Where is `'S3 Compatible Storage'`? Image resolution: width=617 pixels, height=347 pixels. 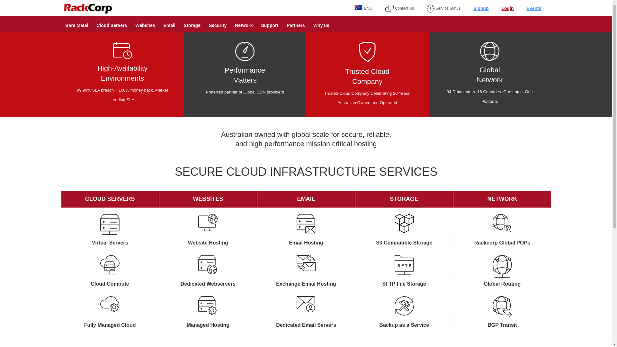
'S3 Compatible Storage' is located at coordinates (404, 229).